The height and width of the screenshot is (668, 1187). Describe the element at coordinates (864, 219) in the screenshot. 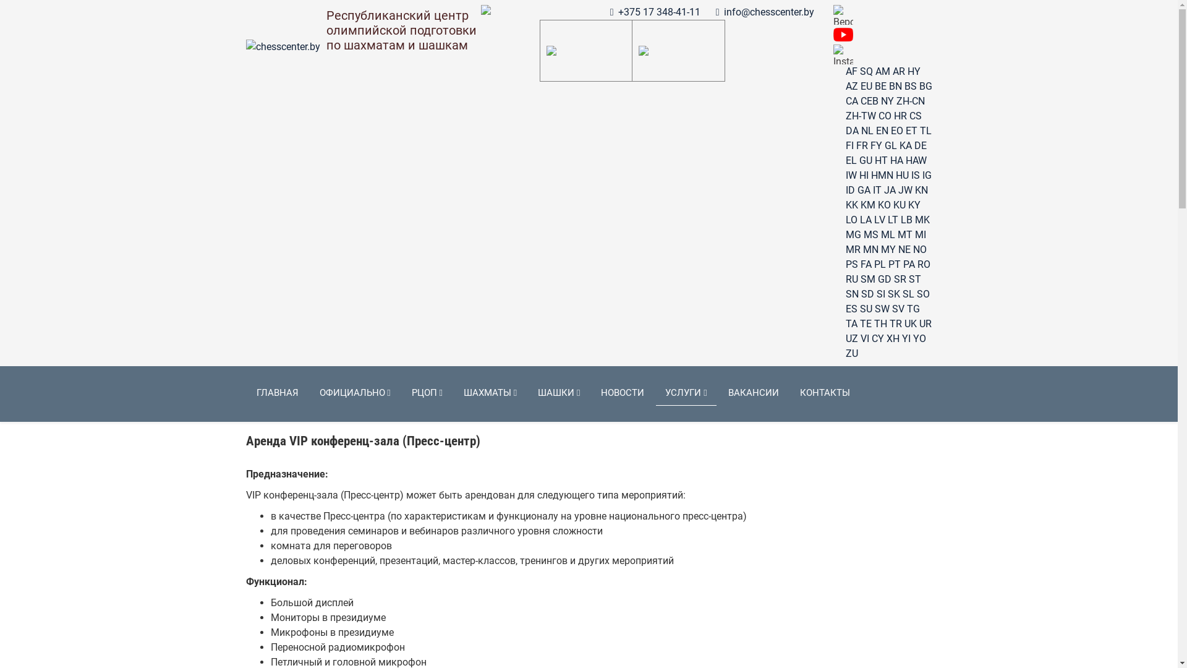

I see `'LA'` at that location.